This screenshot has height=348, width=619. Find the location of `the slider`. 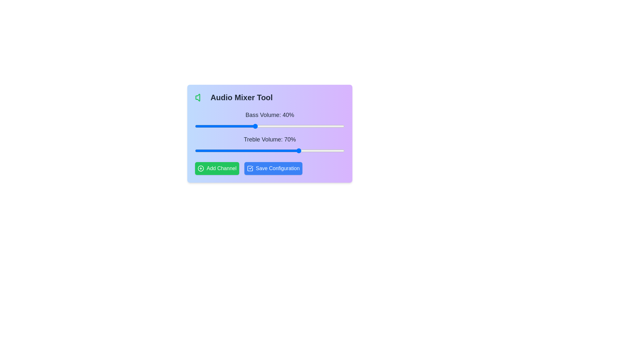

the slider is located at coordinates (238, 126).